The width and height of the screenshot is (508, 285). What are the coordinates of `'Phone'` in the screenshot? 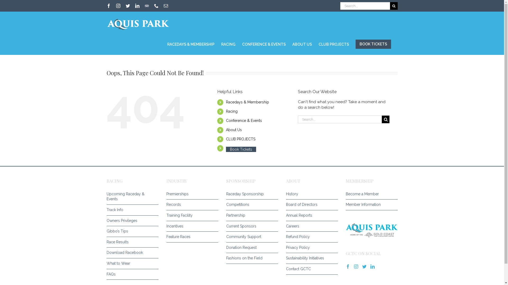 It's located at (156, 6).